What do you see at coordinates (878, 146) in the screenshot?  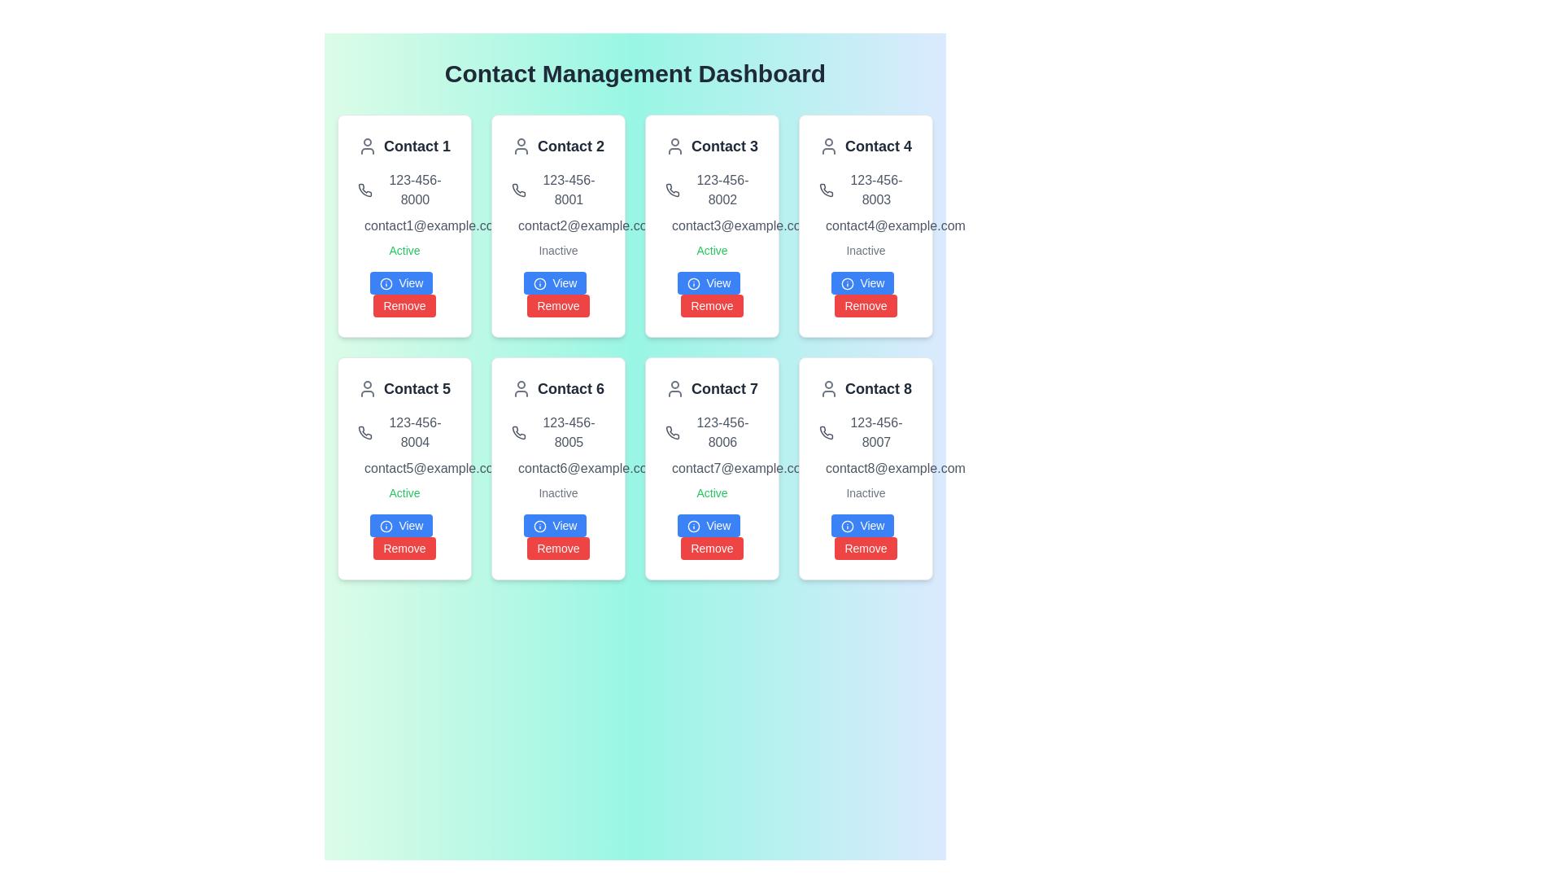 I see `text label identifying the contact as 'Contact 4', which is centrally positioned within the upper part of the contact information card in the fourth position of the top row in the grid layout` at bounding box center [878, 146].